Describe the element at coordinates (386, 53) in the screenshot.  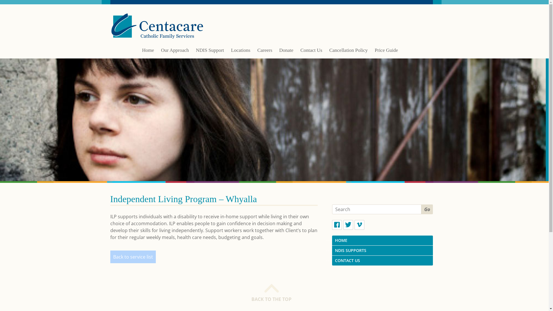
I see `'Price Guide'` at that location.